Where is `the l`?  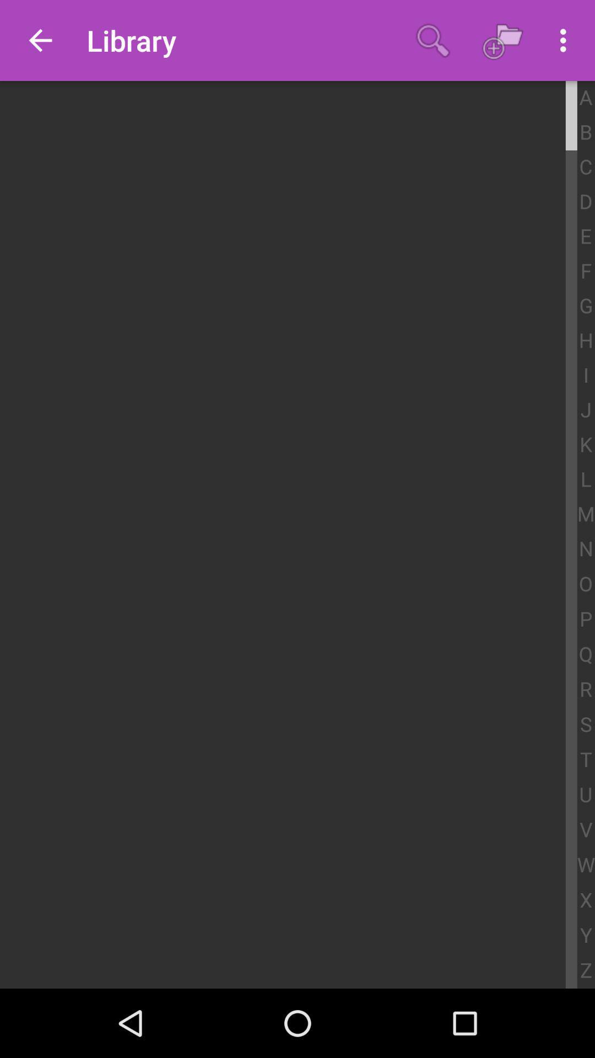 the l is located at coordinates (585, 480).